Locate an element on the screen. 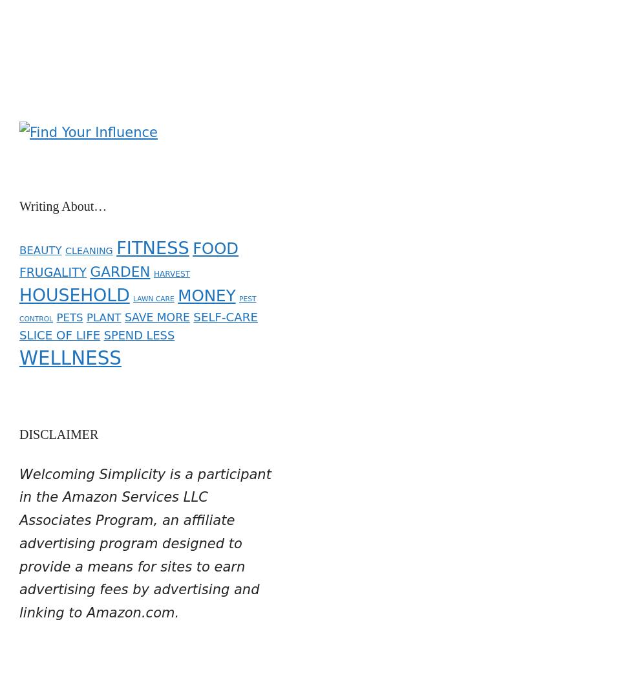 This screenshot has width=627, height=684. 'MONEY' is located at coordinates (176, 286).